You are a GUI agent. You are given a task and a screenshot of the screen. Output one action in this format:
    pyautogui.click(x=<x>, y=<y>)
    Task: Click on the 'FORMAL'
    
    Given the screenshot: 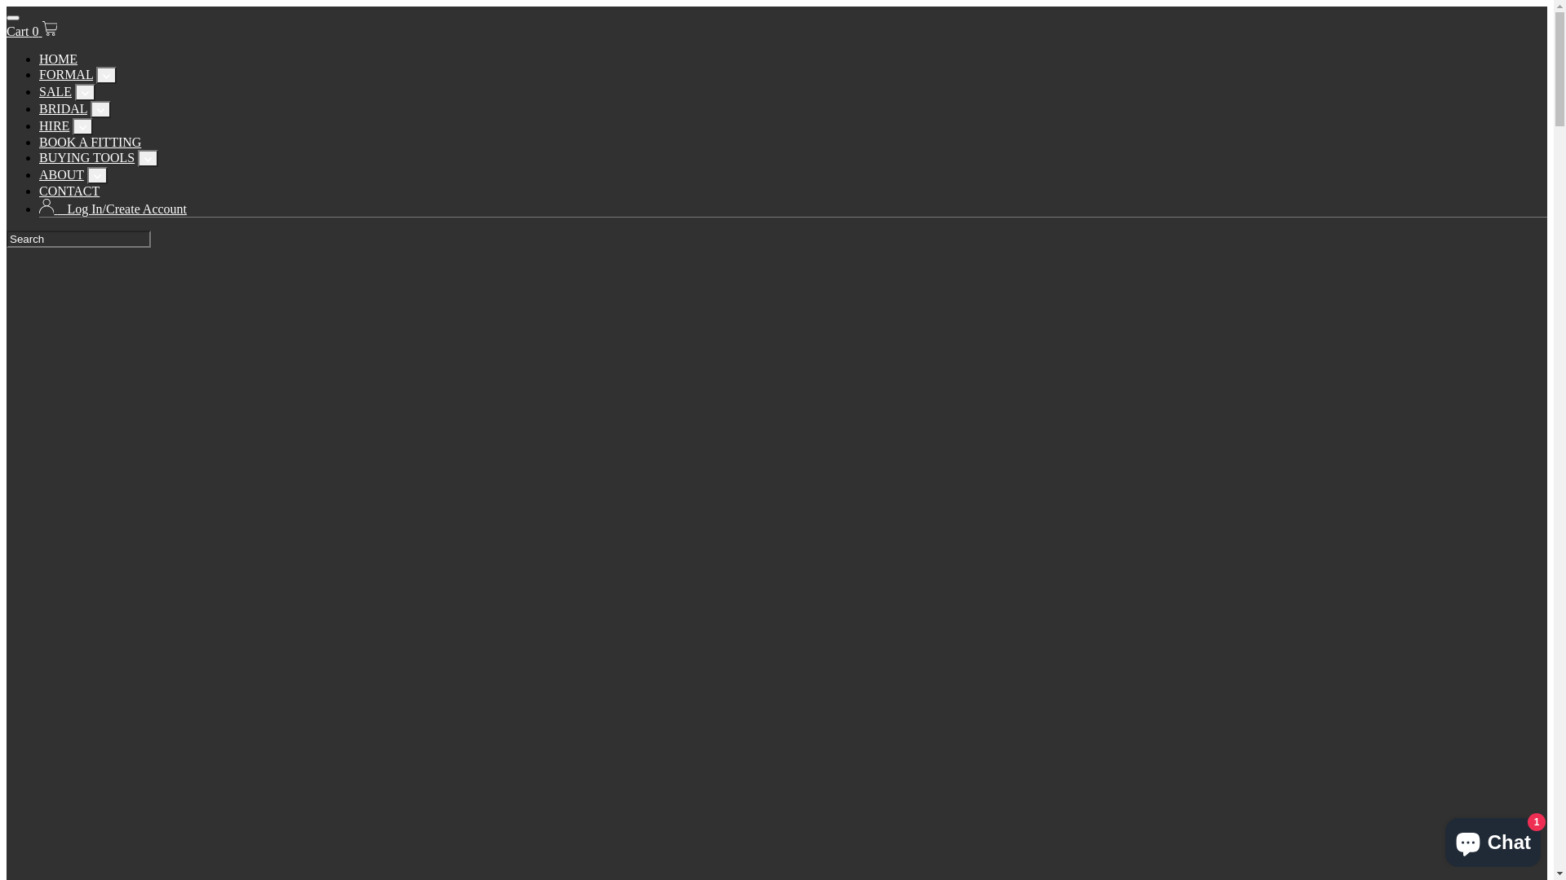 What is the action you would take?
    pyautogui.click(x=65, y=74)
    